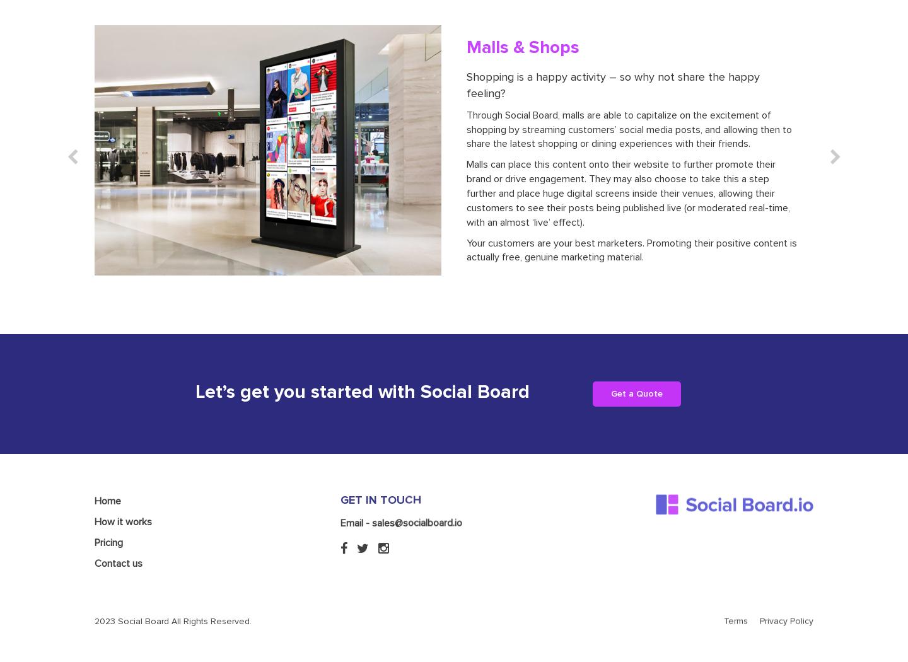  I want to click on 'Let’s get you started with Social Board', so click(361, 392).